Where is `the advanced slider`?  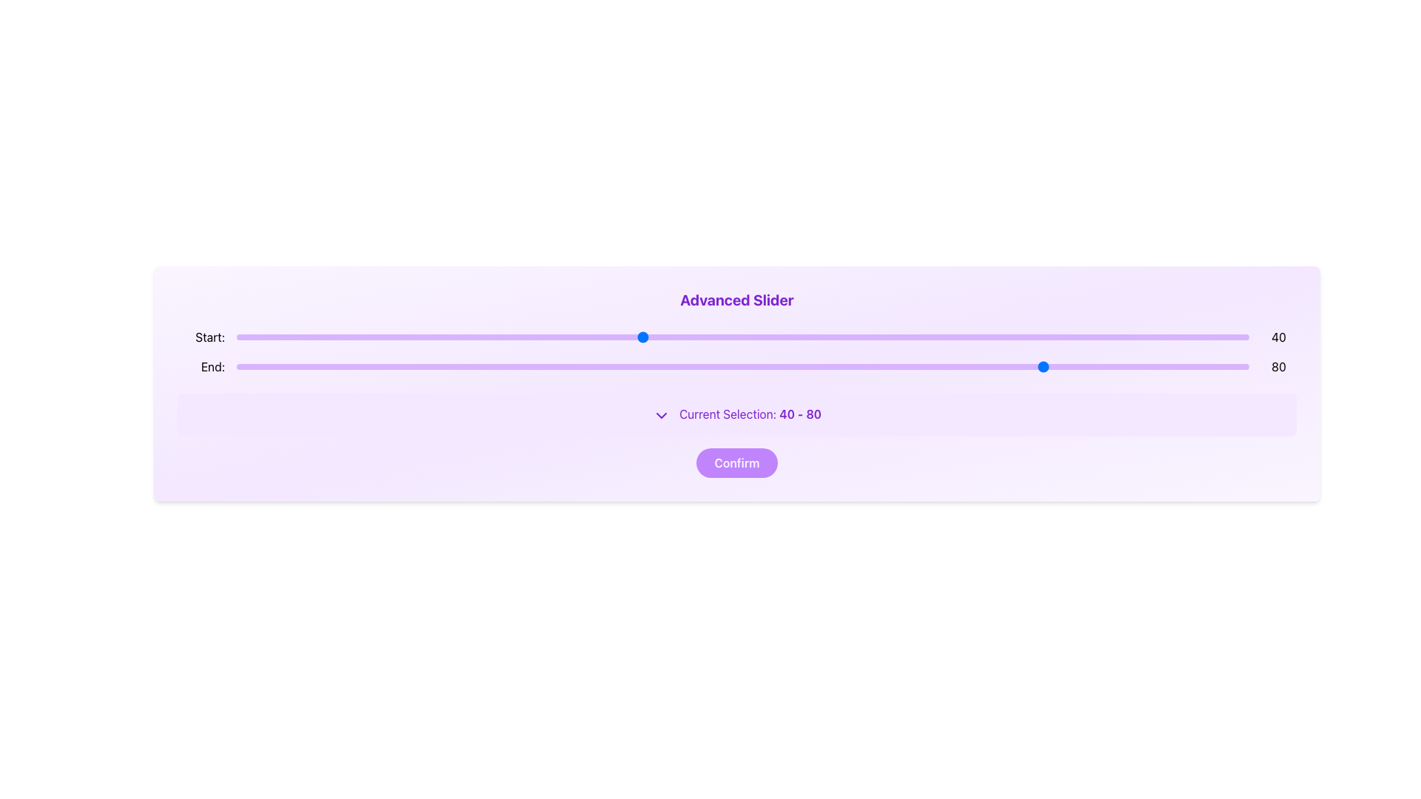
the advanced slider is located at coordinates (1229, 337).